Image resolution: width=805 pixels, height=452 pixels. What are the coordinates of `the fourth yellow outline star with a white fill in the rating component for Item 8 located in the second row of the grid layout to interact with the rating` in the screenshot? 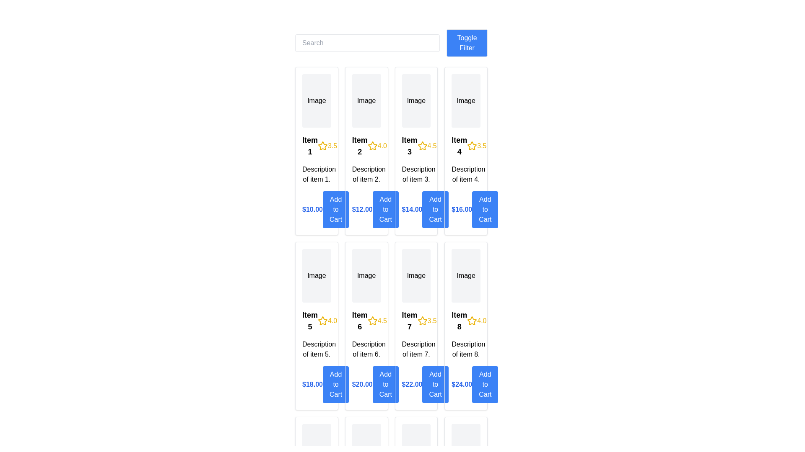 It's located at (472, 320).